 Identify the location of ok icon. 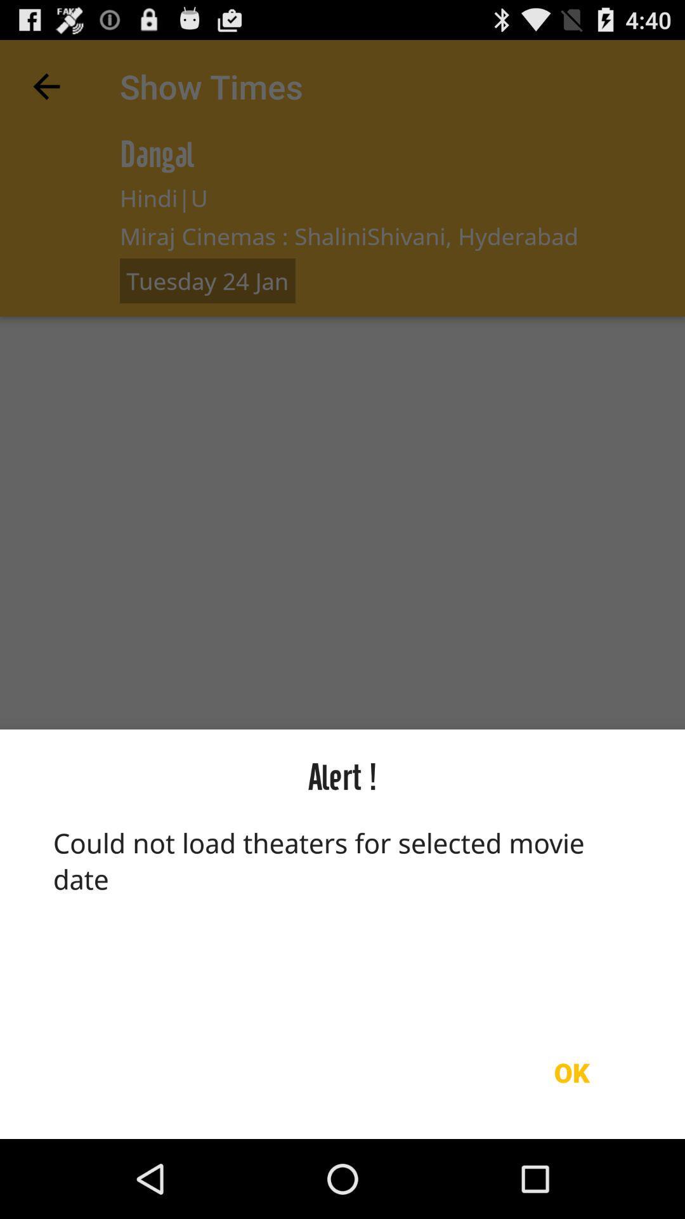
(571, 1072).